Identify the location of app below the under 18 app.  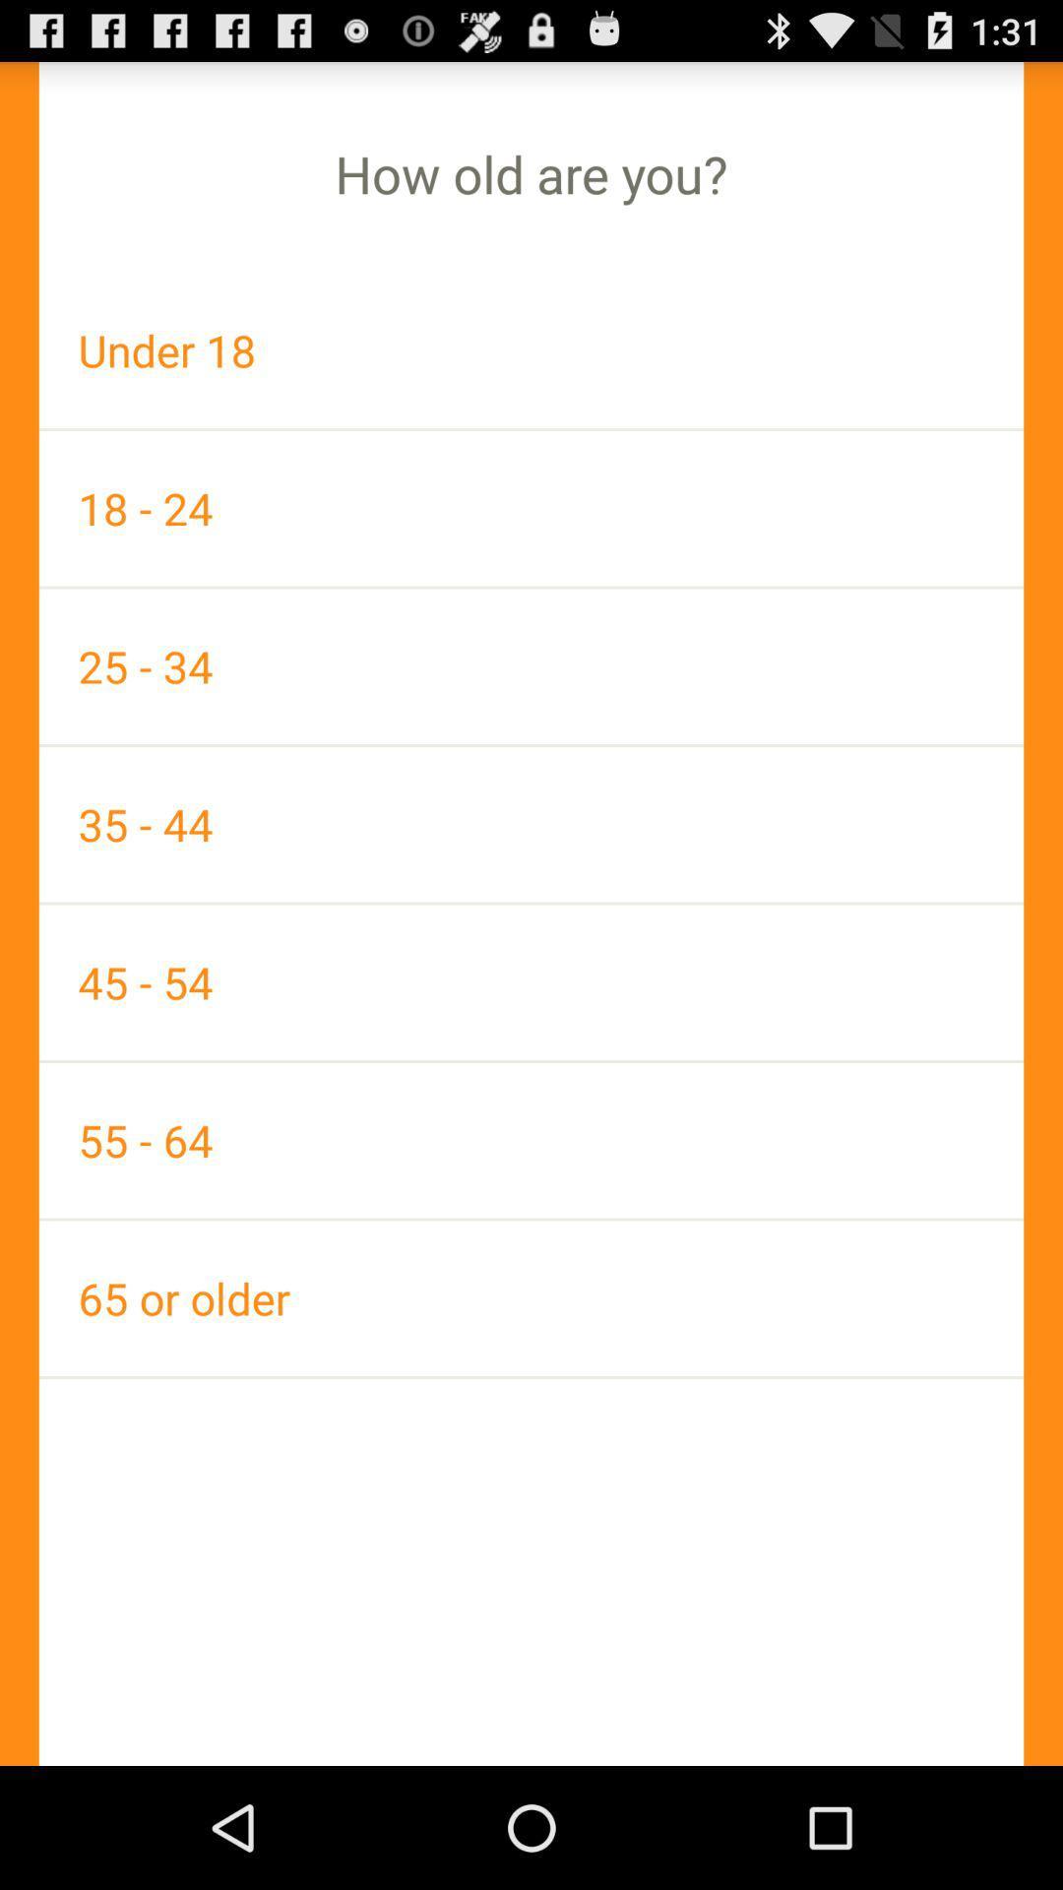
(531, 508).